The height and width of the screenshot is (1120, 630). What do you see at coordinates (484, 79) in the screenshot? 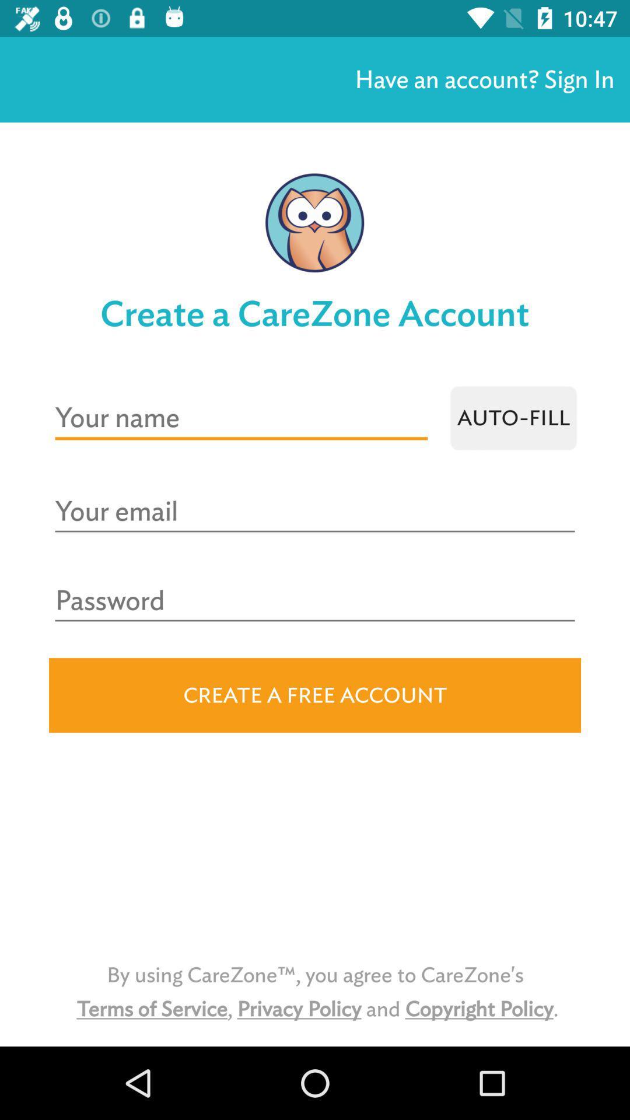
I see `icon above the create a carezone` at bounding box center [484, 79].